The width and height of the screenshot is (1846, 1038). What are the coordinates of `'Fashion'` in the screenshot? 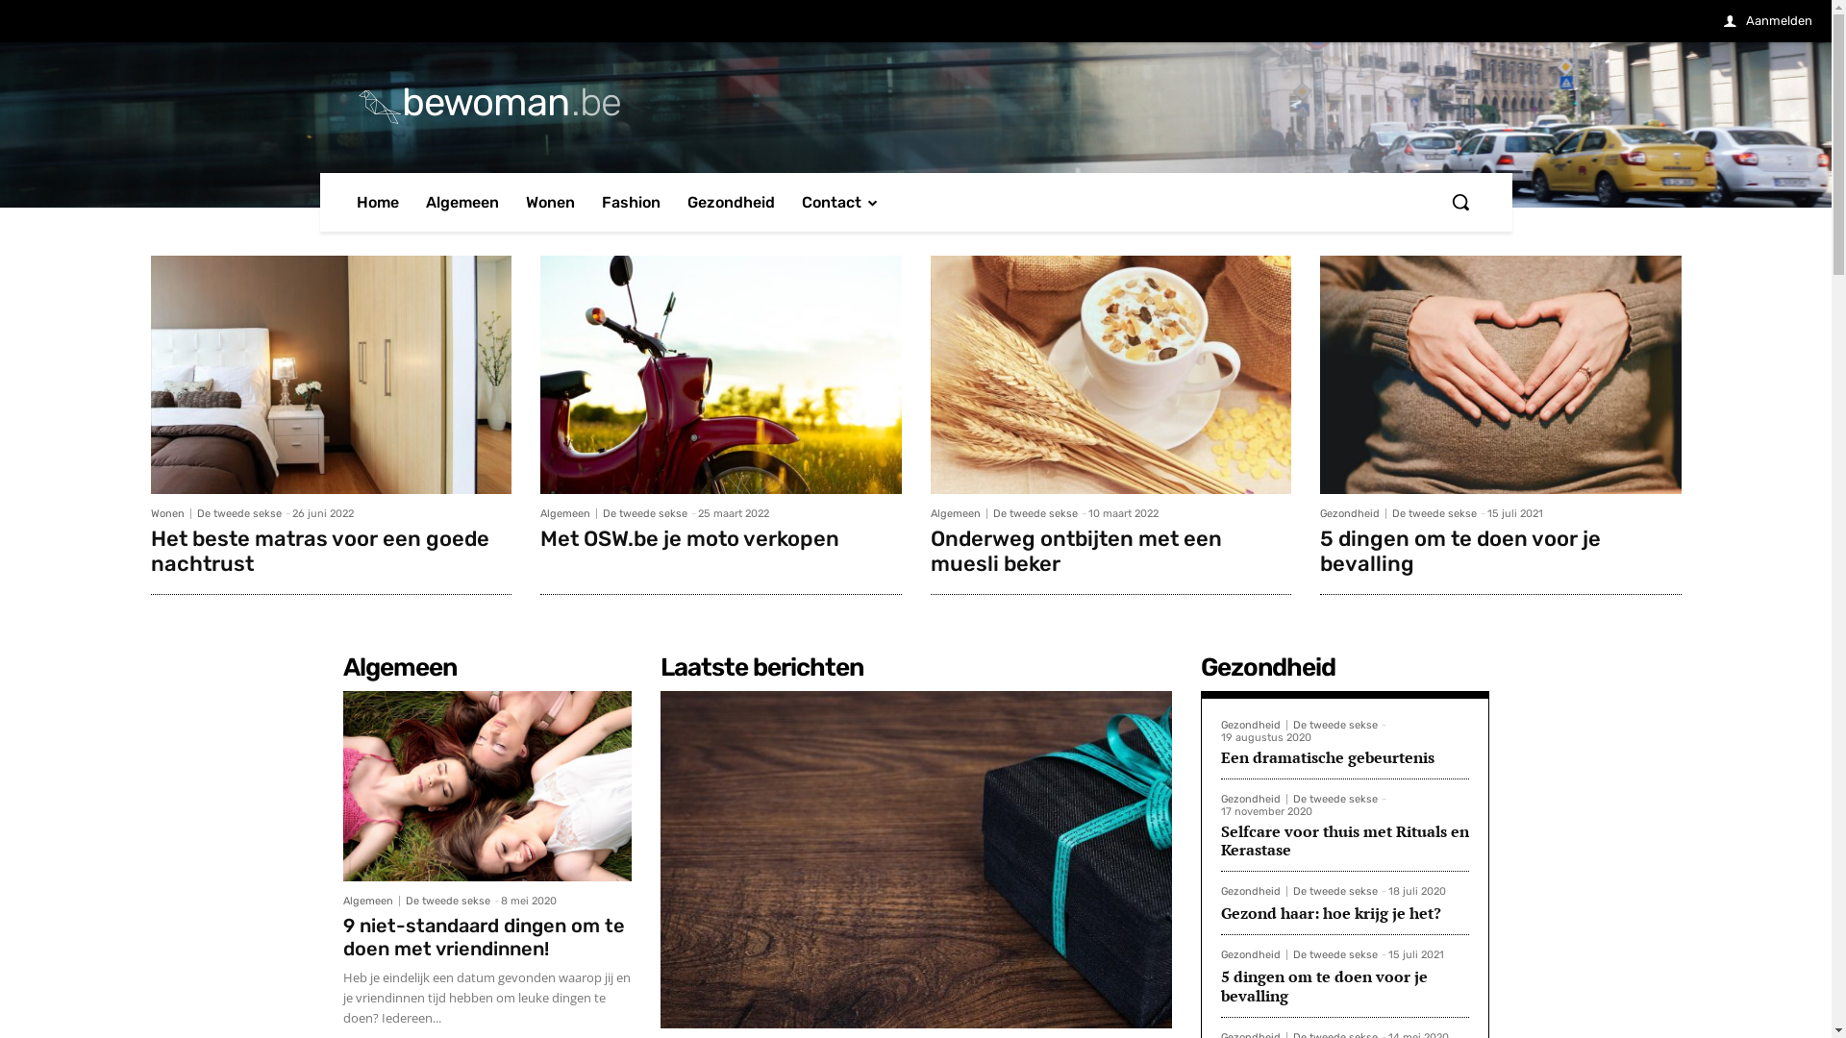 It's located at (631, 202).